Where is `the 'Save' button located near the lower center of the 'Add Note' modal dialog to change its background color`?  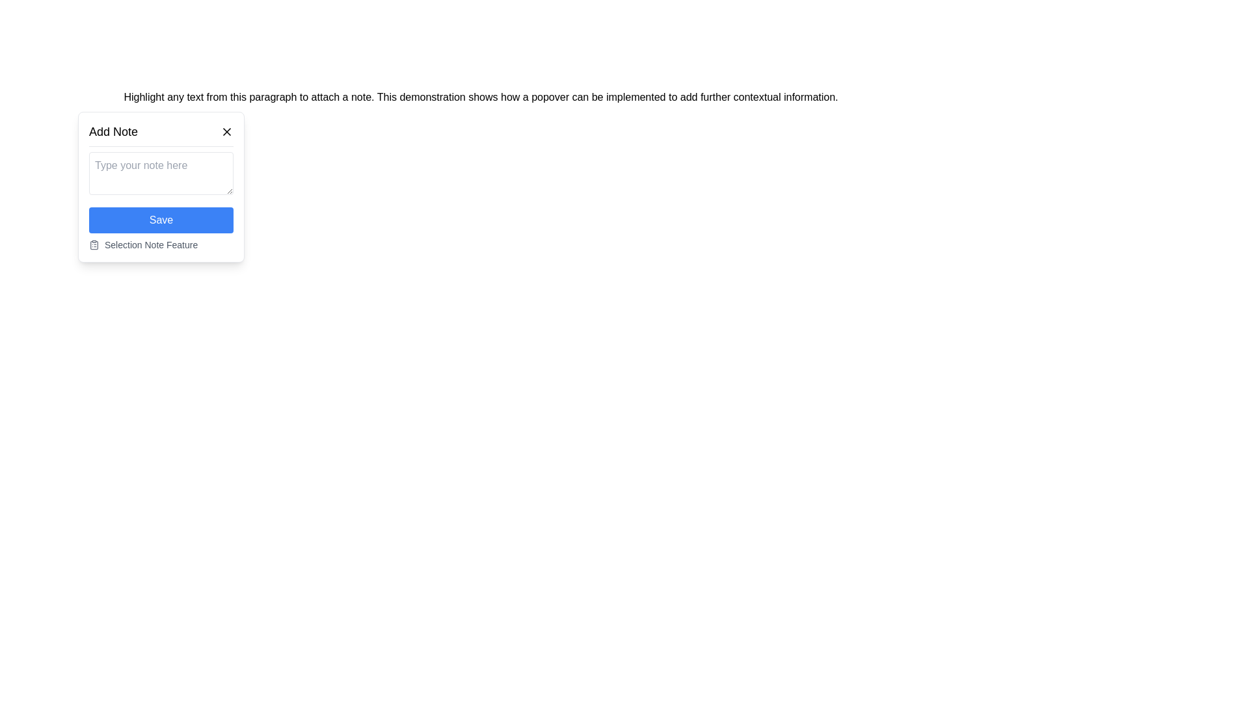
the 'Save' button located near the lower center of the 'Add Note' modal dialog to change its background color is located at coordinates (161, 220).